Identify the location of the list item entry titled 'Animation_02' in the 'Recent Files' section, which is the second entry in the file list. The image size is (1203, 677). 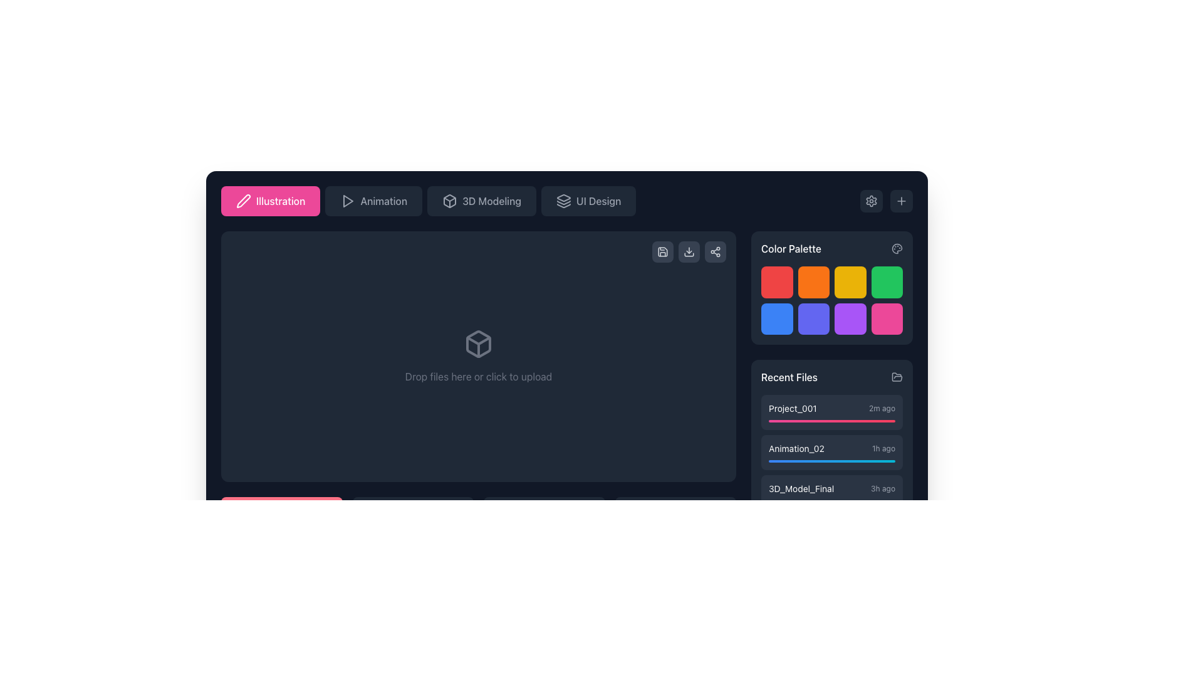
(832, 452).